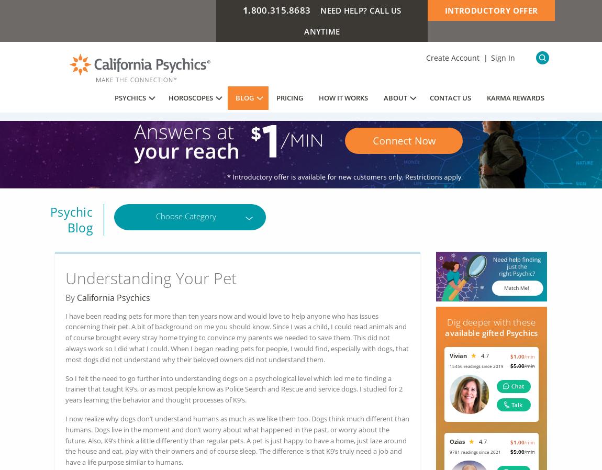 Image resolution: width=602 pixels, height=470 pixels. What do you see at coordinates (352, 20) in the screenshot?
I see `'Need Help? Call us anytime'` at bounding box center [352, 20].